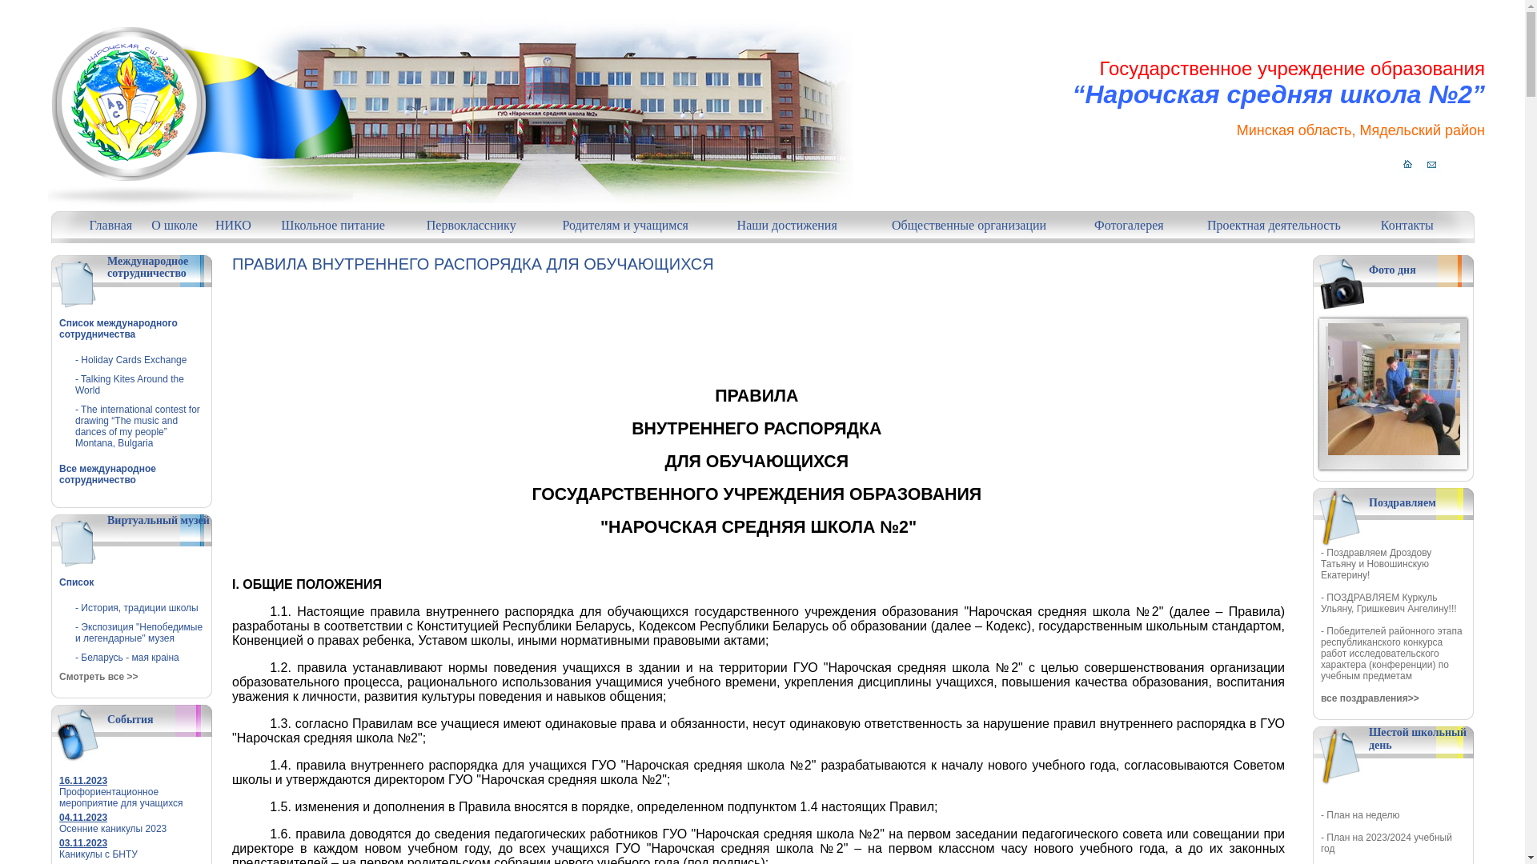 The image size is (1537, 864). I want to click on '- Talking Kites Around the World', so click(130, 385).